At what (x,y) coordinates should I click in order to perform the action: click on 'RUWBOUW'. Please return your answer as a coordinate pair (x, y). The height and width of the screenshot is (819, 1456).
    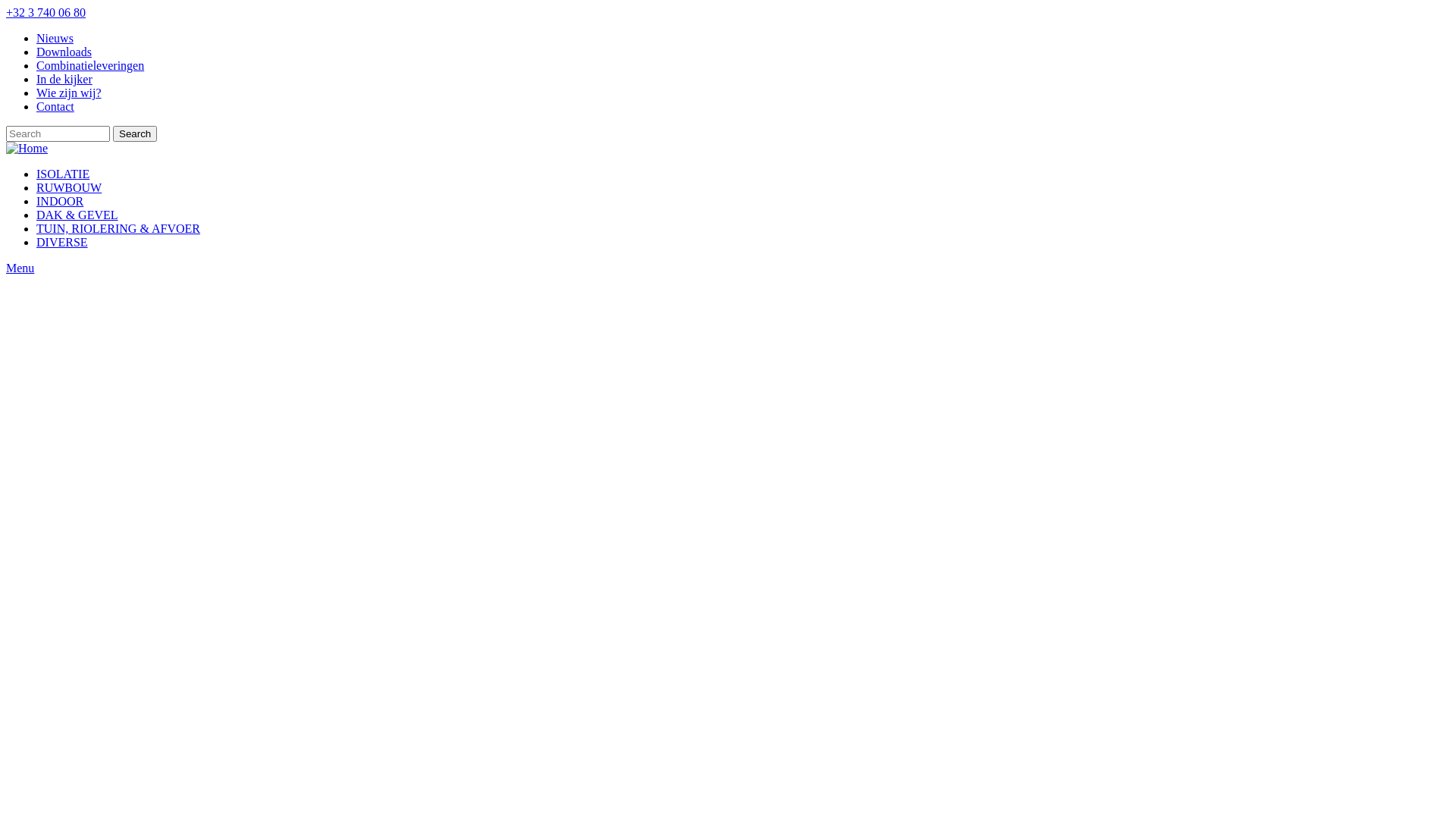
    Looking at the image, I should click on (68, 187).